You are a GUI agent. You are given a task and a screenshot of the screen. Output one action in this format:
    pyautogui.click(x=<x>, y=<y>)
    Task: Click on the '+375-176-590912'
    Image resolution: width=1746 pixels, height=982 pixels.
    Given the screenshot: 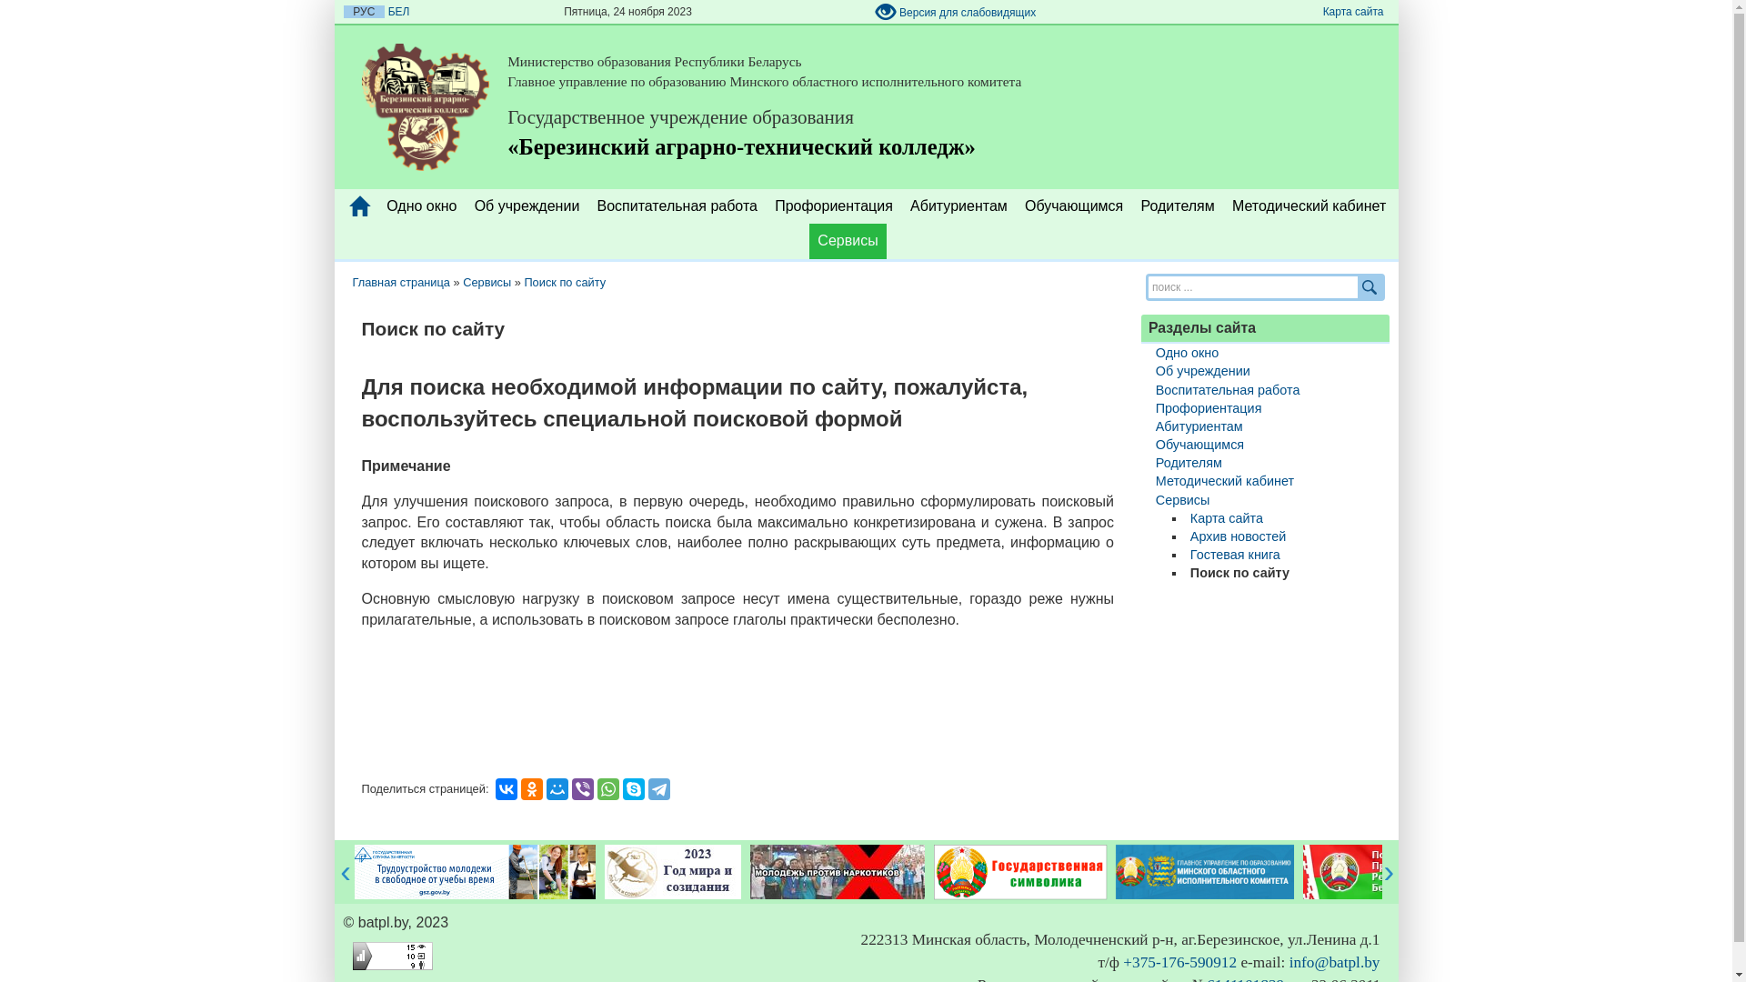 What is the action you would take?
    pyautogui.click(x=1179, y=961)
    